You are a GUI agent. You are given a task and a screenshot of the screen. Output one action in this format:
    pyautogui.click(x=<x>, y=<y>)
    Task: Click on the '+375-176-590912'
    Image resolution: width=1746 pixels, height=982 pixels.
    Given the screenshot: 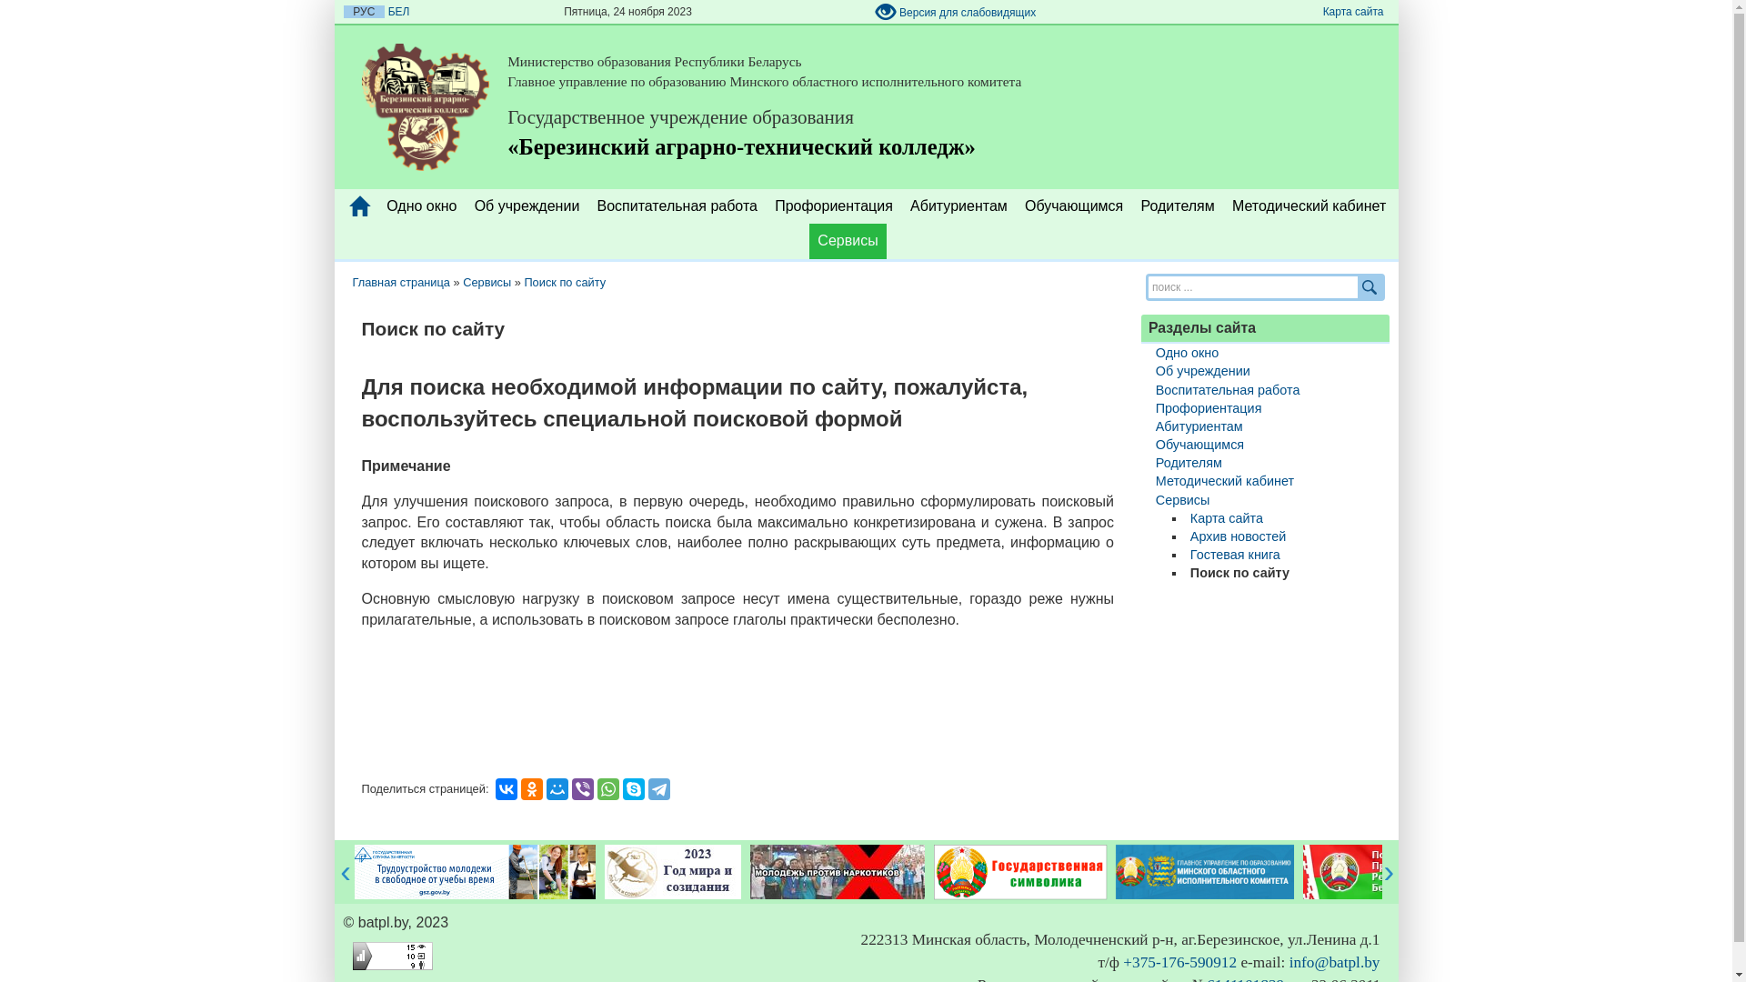 What is the action you would take?
    pyautogui.click(x=1179, y=961)
    